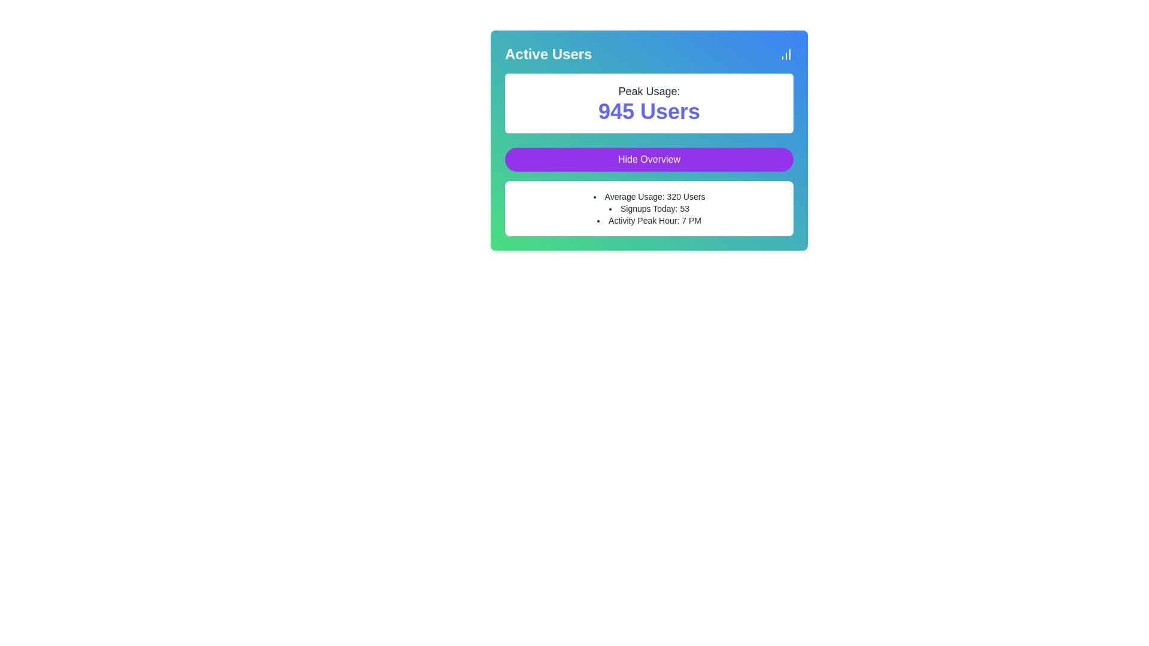 Image resolution: width=1149 pixels, height=646 pixels. What do you see at coordinates (648, 208) in the screenshot?
I see `text content of the bulleted list containing 'Average Usage: 320 Users', 'Signups Today: 53', and 'Activity Peak Hour: 7 PM', which is located below the 'Hide Overview' button` at bounding box center [648, 208].